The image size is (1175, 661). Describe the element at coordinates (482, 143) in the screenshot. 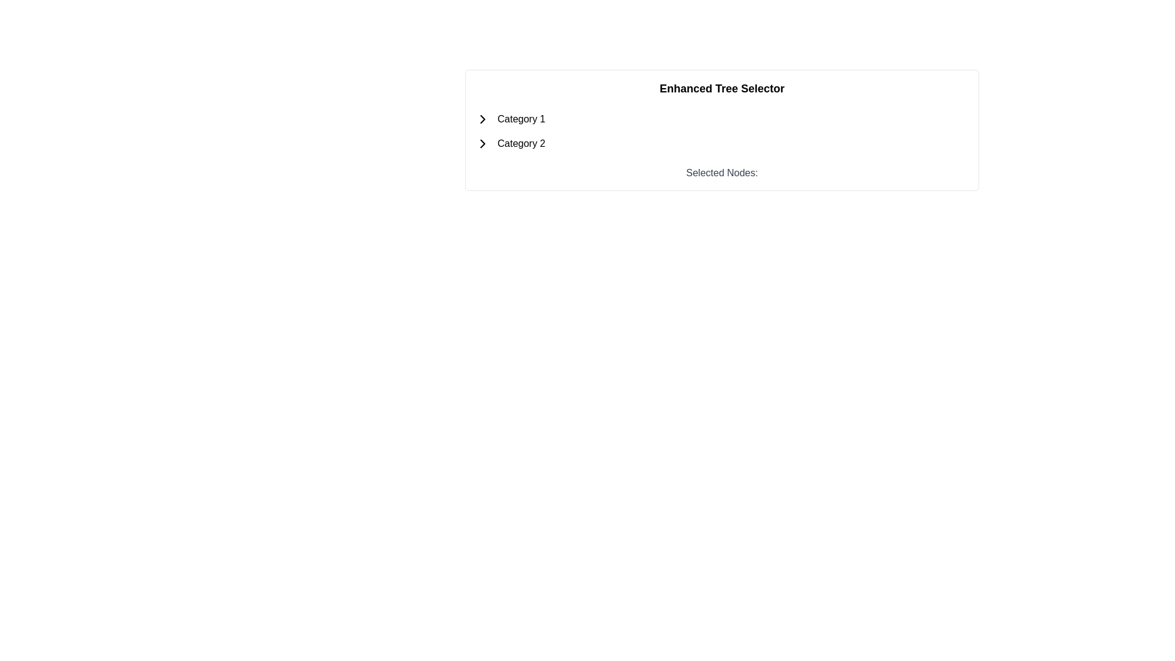

I see `the right-facing chevron icon located to the left of 'Category 2'` at that location.